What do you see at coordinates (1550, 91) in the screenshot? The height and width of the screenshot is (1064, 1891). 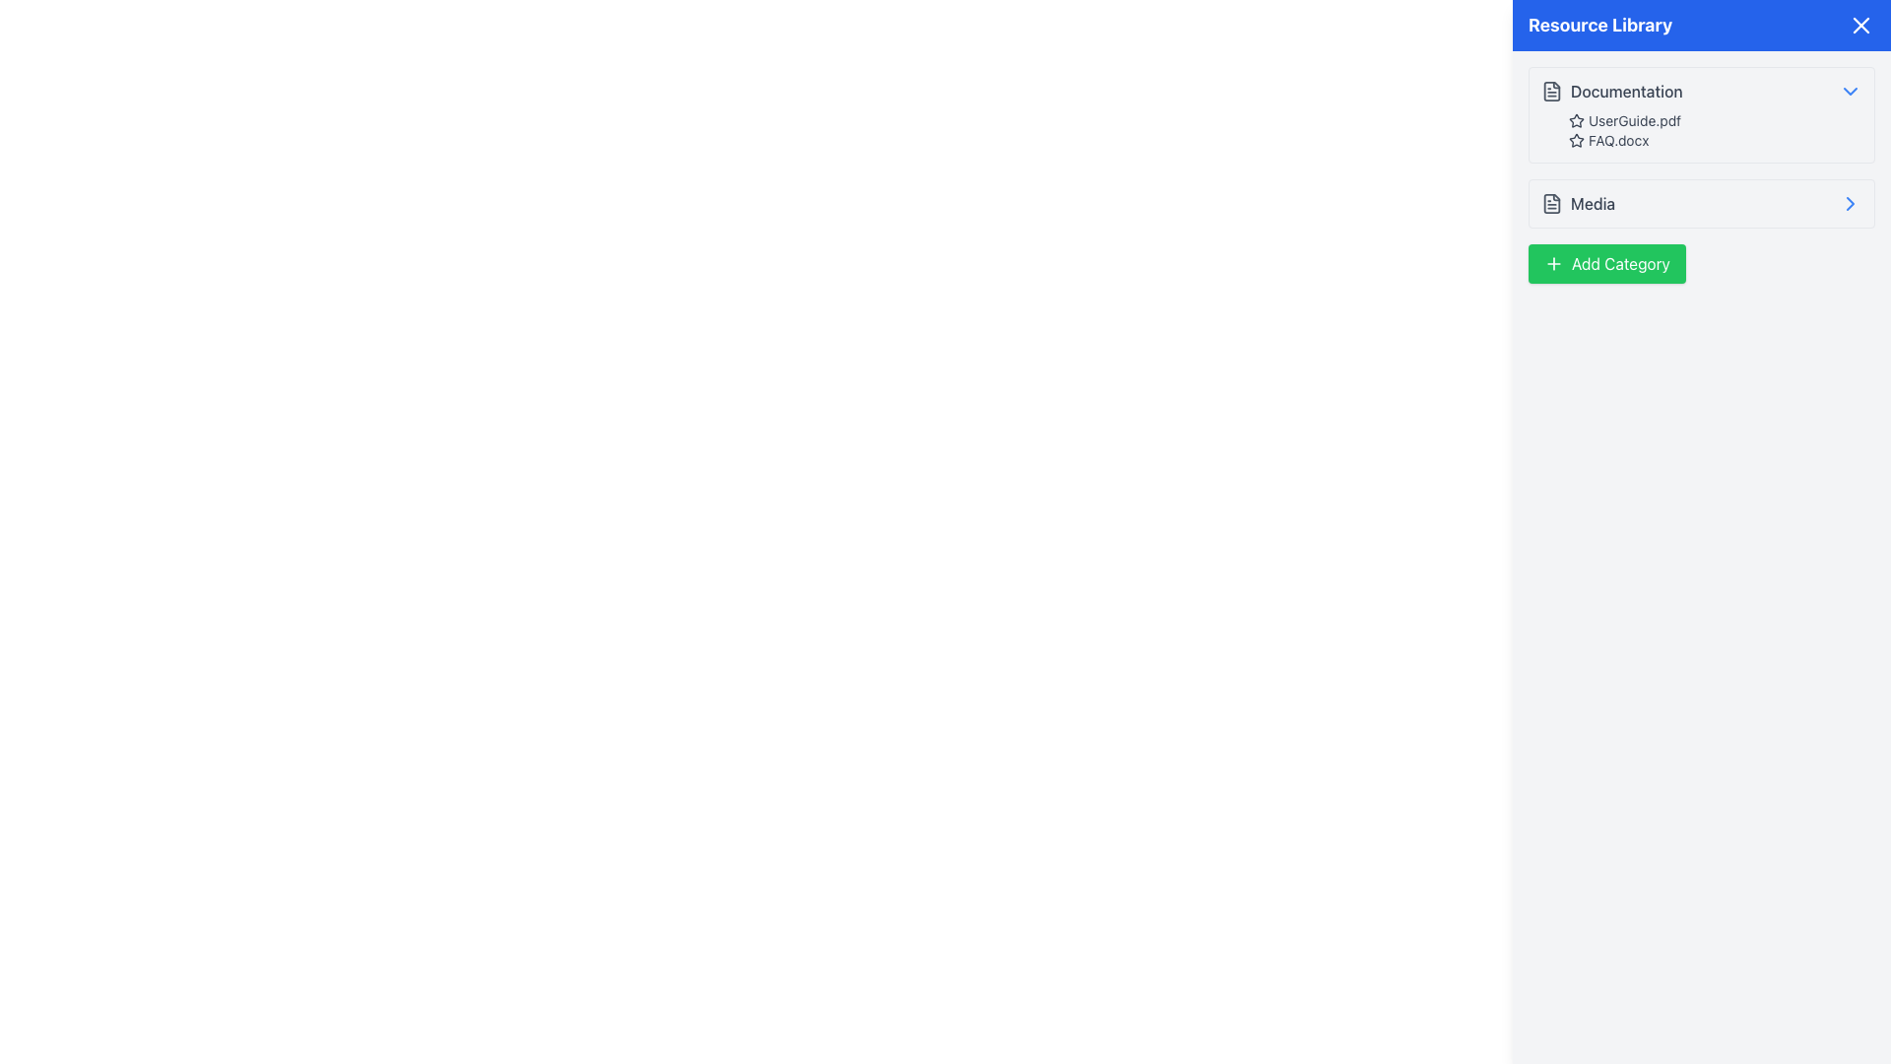 I see `the document icon located to the left of the 'Documentation' label in the Resource Library panel` at bounding box center [1550, 91].